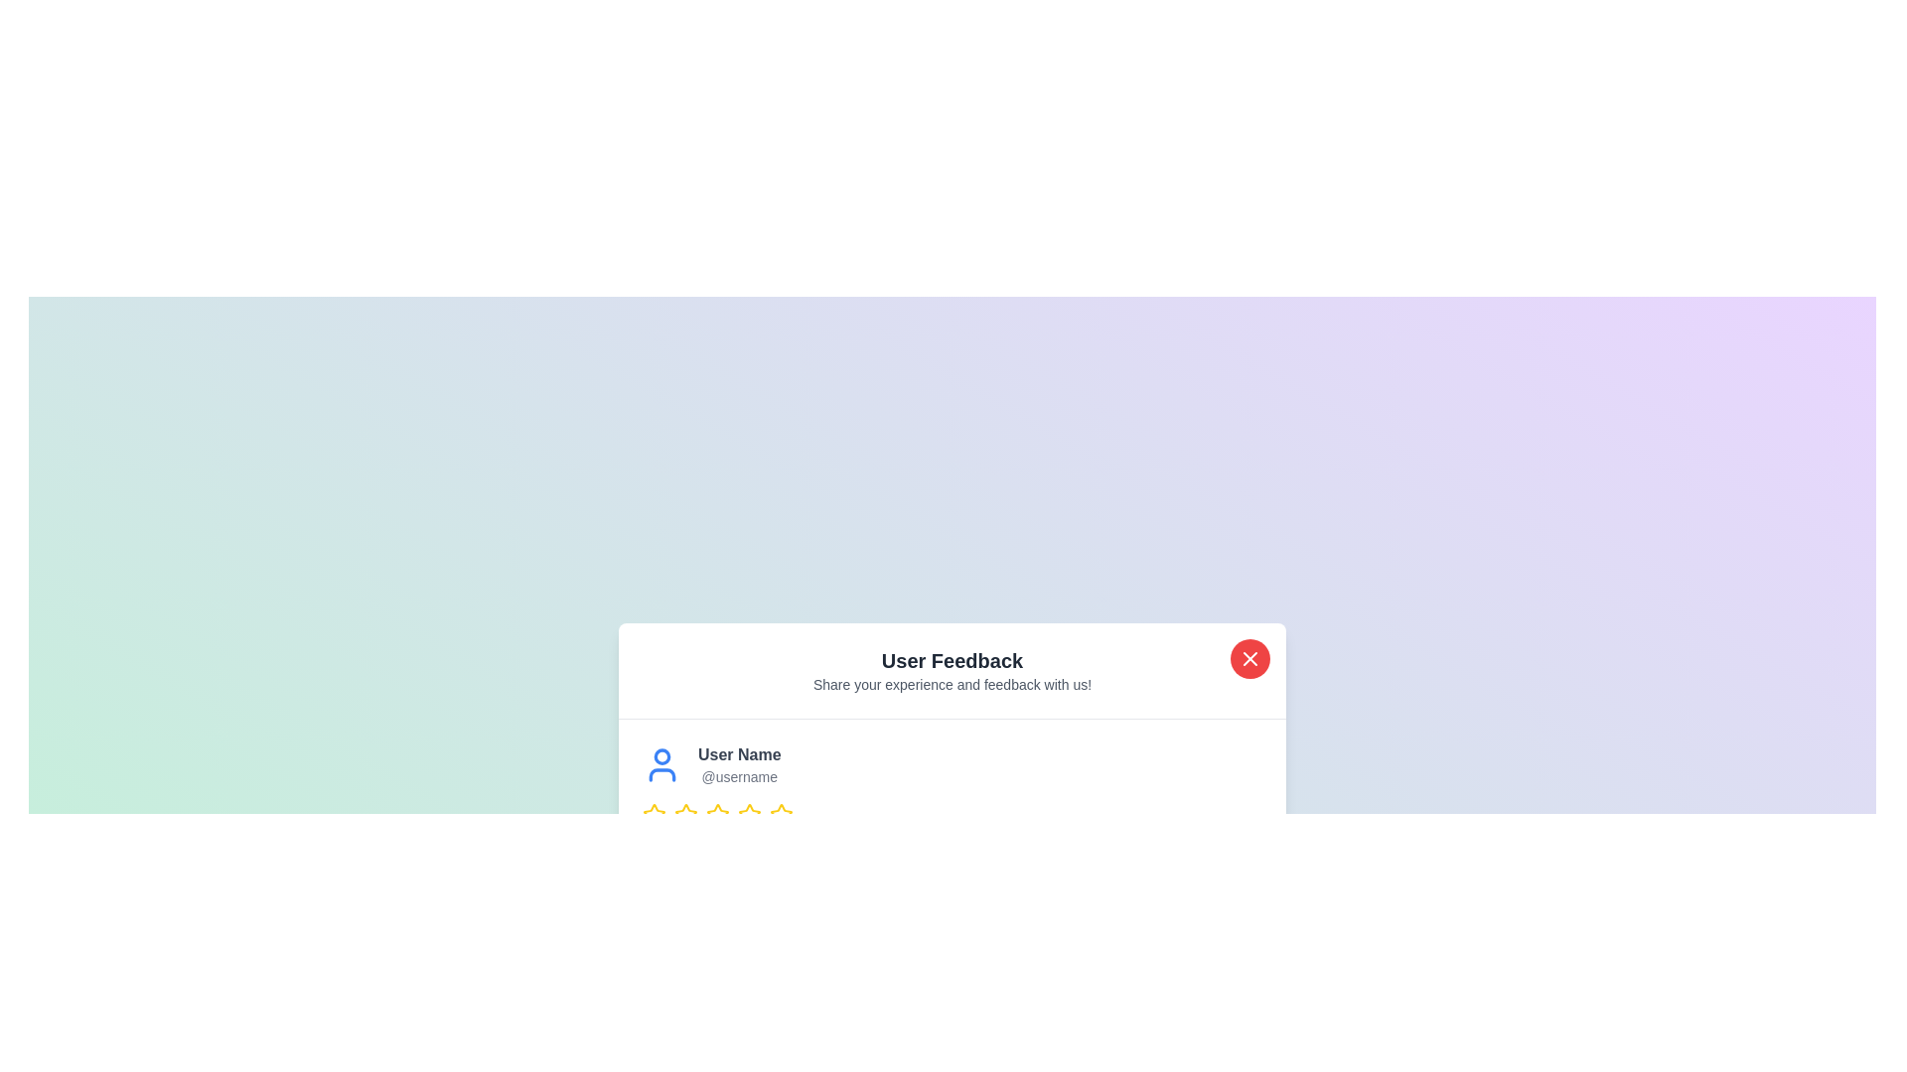 Image resolution: width=1907 pixels, height=1072 pixels. Describe the element at coordinates (781, 814) in the screenshot. I see `the fifth star icon, which is a vibrant yellow star with a hollow center, located at the last position in a row of similar stars` at that location.